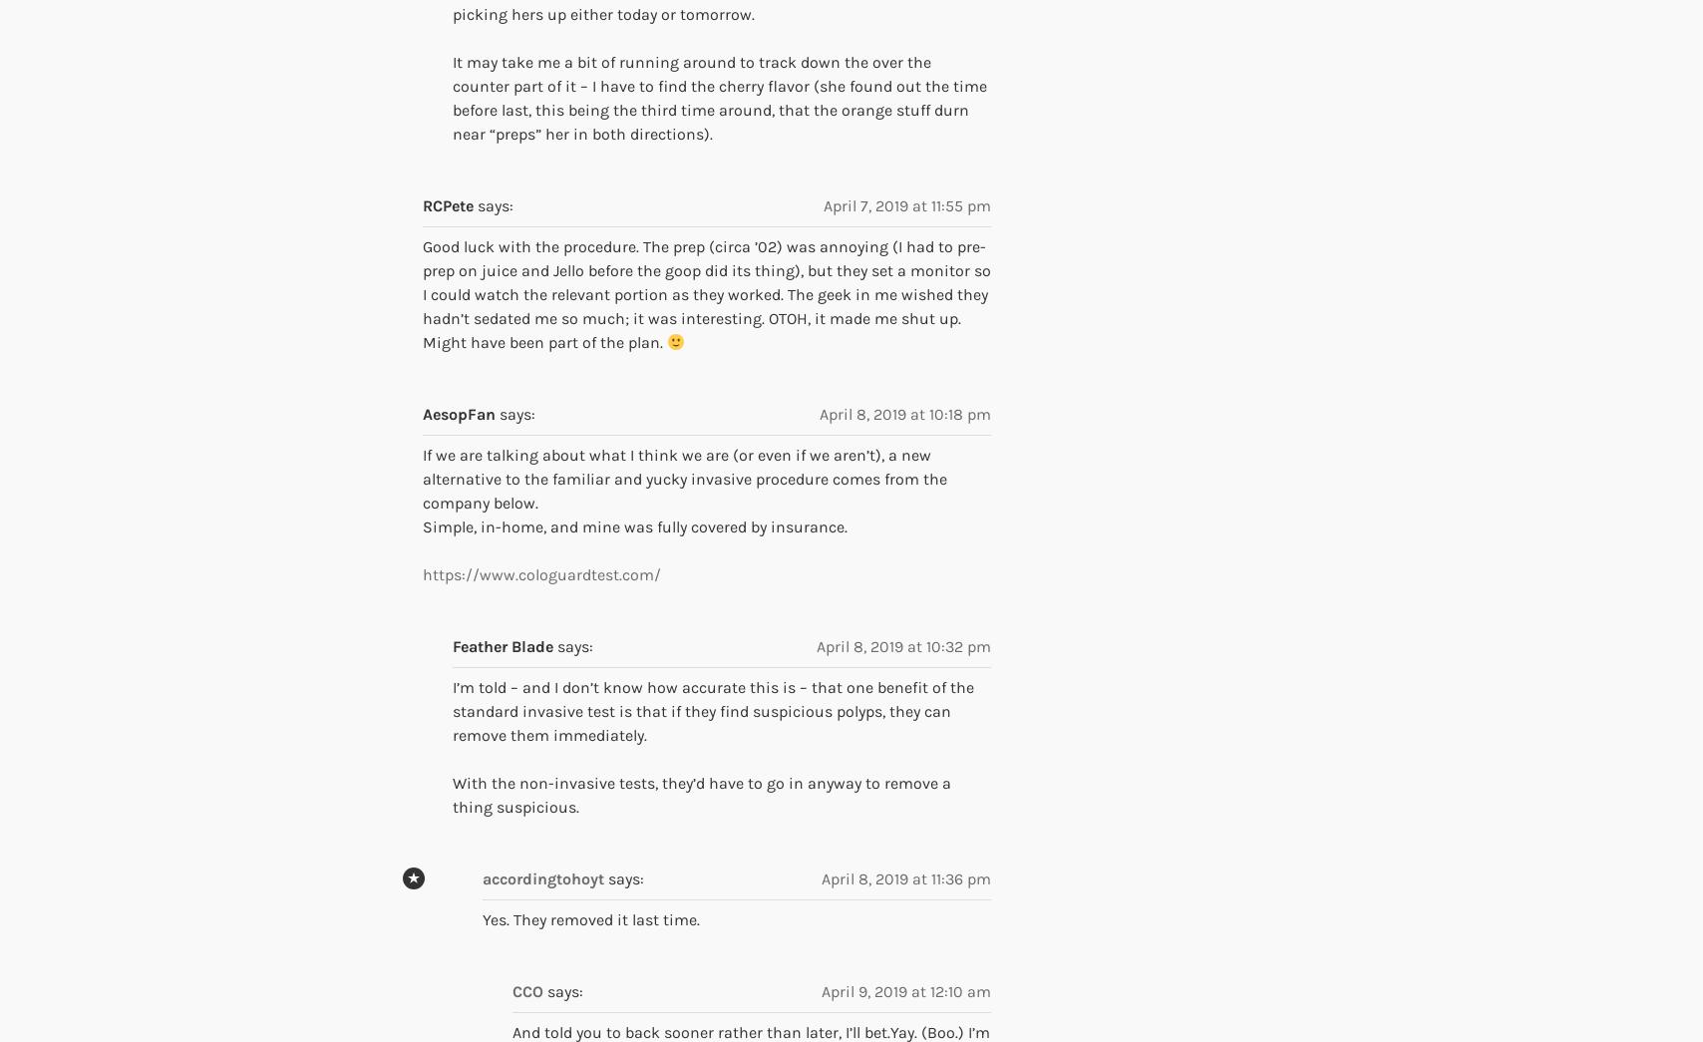 Image resolution: width=1703 pixels, height=1042 pixels. What do you see at coordinates (719, 98) in the screenshot?
I see `'It may take me a bit of running around to track down the over the counter part of it – I have to find the cherry flavor (she found out the time before last, this being the third time around, that the orange stuff durn near “preps” her in both directions).'` at bounding box center [719, 98].